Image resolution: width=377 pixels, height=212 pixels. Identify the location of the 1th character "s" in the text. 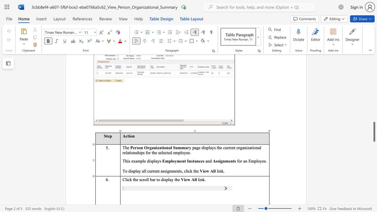
(216, 161).